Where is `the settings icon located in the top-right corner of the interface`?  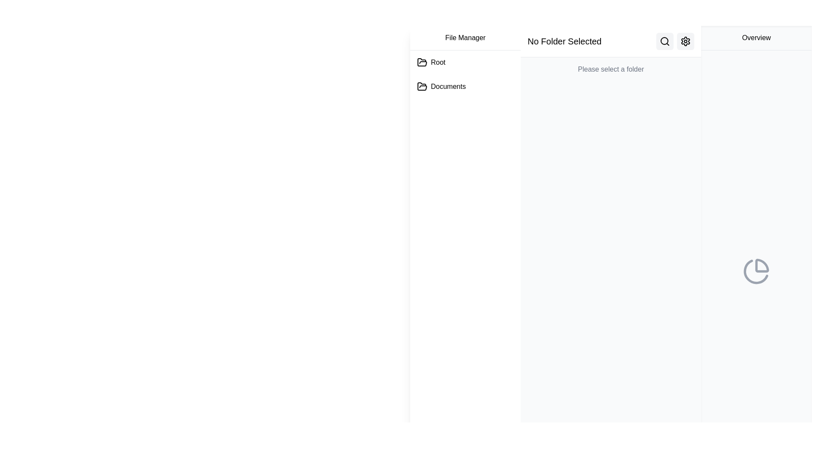 the settings icon located in the top-right corner of the interface is located at coordinates (685, 41).